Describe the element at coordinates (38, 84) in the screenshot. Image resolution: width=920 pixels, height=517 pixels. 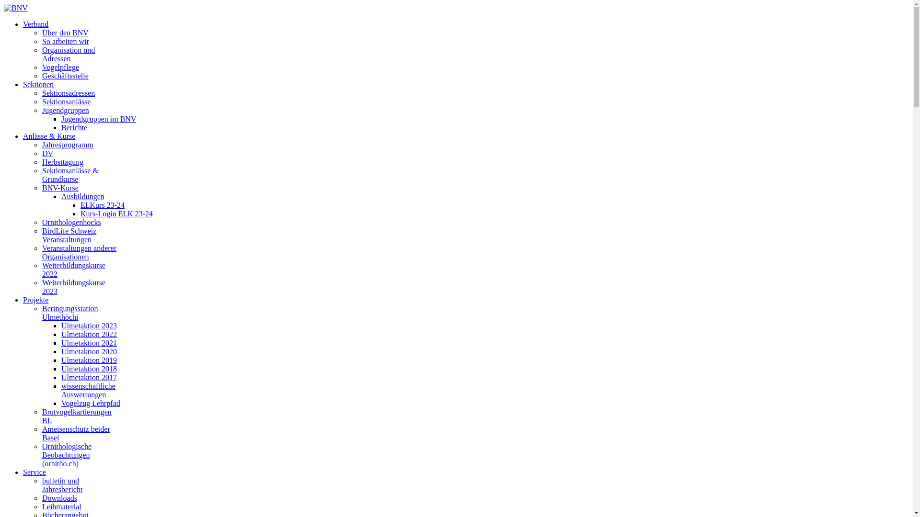
I see `'Sektionen'` at that location.